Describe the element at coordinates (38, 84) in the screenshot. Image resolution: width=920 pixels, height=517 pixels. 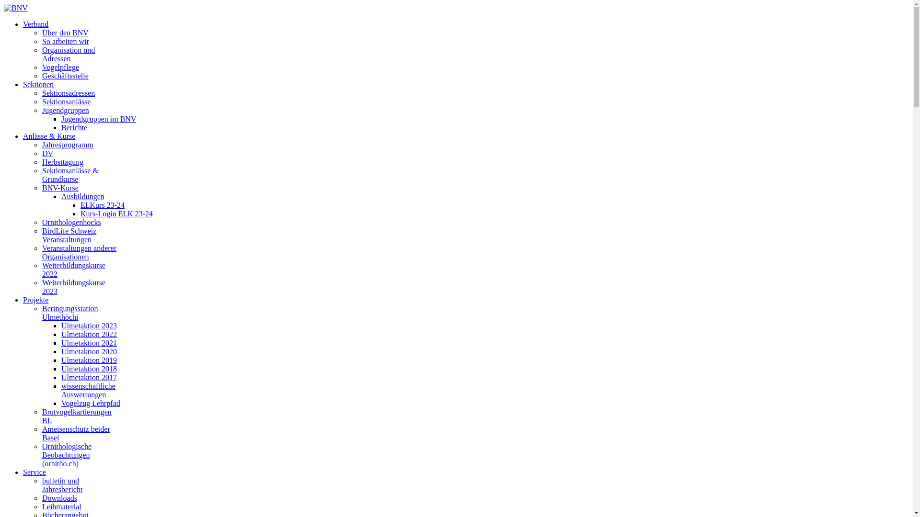
I see `'Sektionen'` at that location.